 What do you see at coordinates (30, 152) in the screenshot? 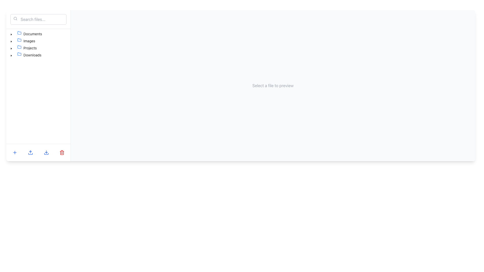
I see `the blue upload button with an upward arrow and rounded corners, which is the second button in a horizontal row of four buttons at the bottom left of the interface, to initiate file upload` at bounding box center [30, 152].